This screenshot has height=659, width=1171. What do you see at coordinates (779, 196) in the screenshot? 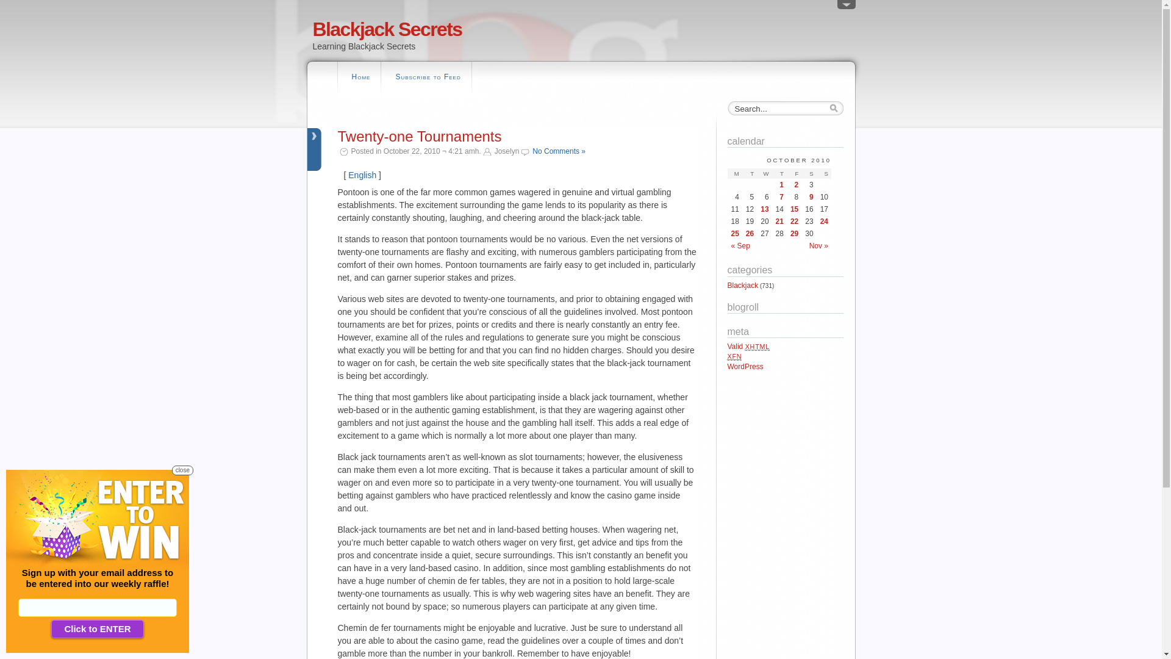
I see `'7'` at bounding box center [779, 196].